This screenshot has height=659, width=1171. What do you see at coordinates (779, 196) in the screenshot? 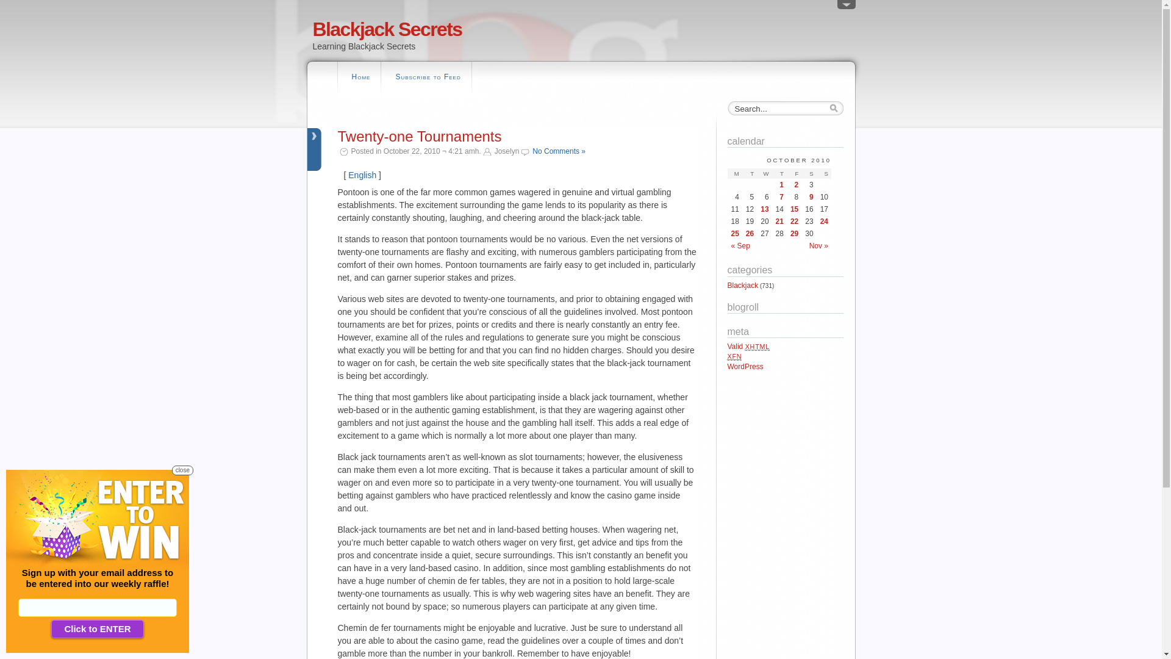
I see `'7'` at bounding box center [779, 196].